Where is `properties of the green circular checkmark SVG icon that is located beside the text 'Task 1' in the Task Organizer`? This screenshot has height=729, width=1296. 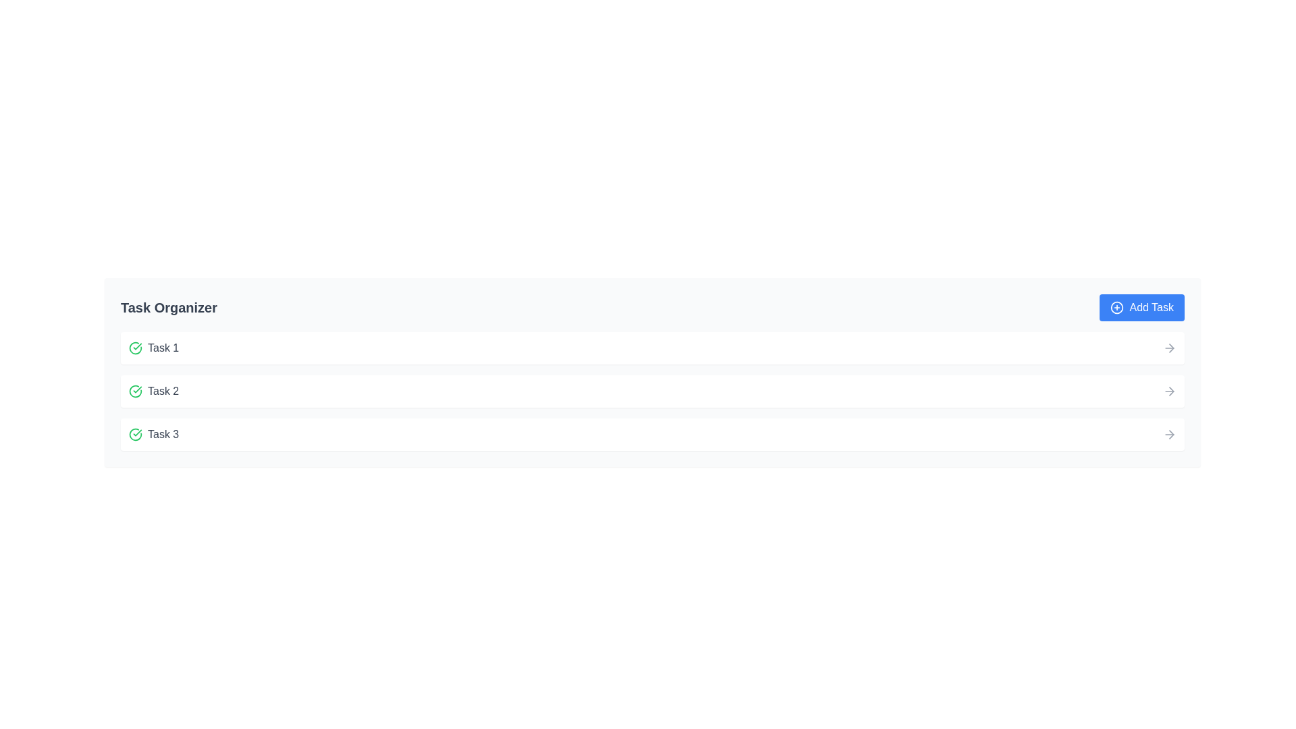
properties of the green circular checkmark SVG icon that is located beside the text 'Task 1' in the Task Organizer is located at coordinates (136, 348).